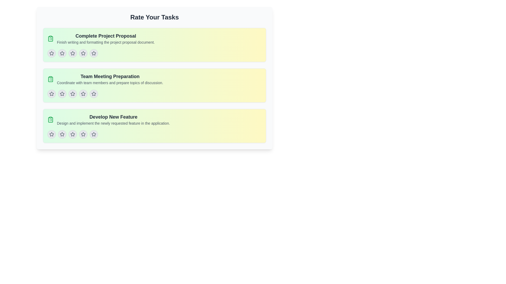  I want to click on the fourth star rating element in the task rating section under 'Complete Project Proposal', so click(83, 53).